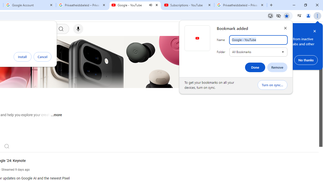  I want to click on 'No thanks', so click(306, 60).